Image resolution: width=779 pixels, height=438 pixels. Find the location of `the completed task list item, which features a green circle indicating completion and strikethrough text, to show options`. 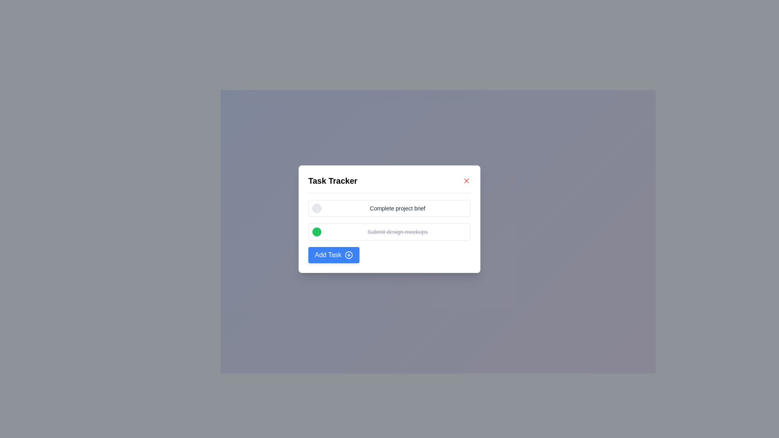

the completed task list item, which features a green circle indicating completion and strikethrough text, to show options is located at coordinates (389, 232).